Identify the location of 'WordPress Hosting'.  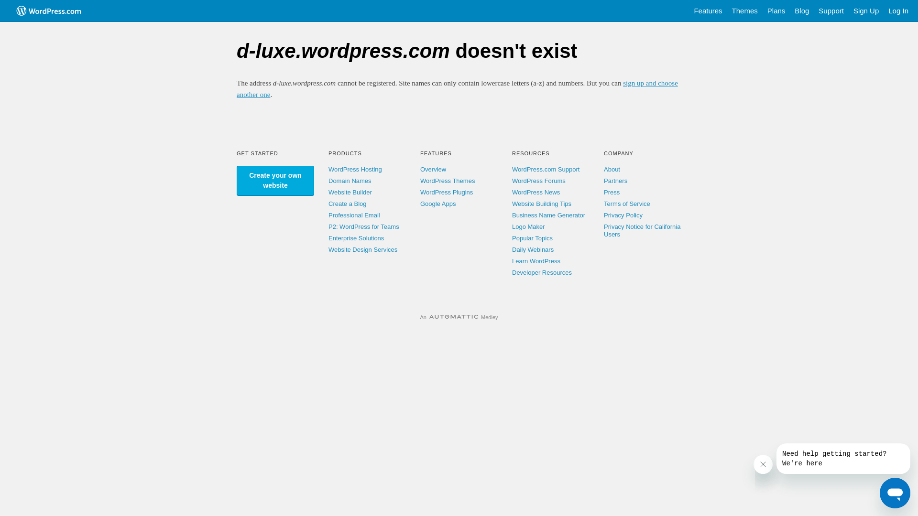
(355, 169).